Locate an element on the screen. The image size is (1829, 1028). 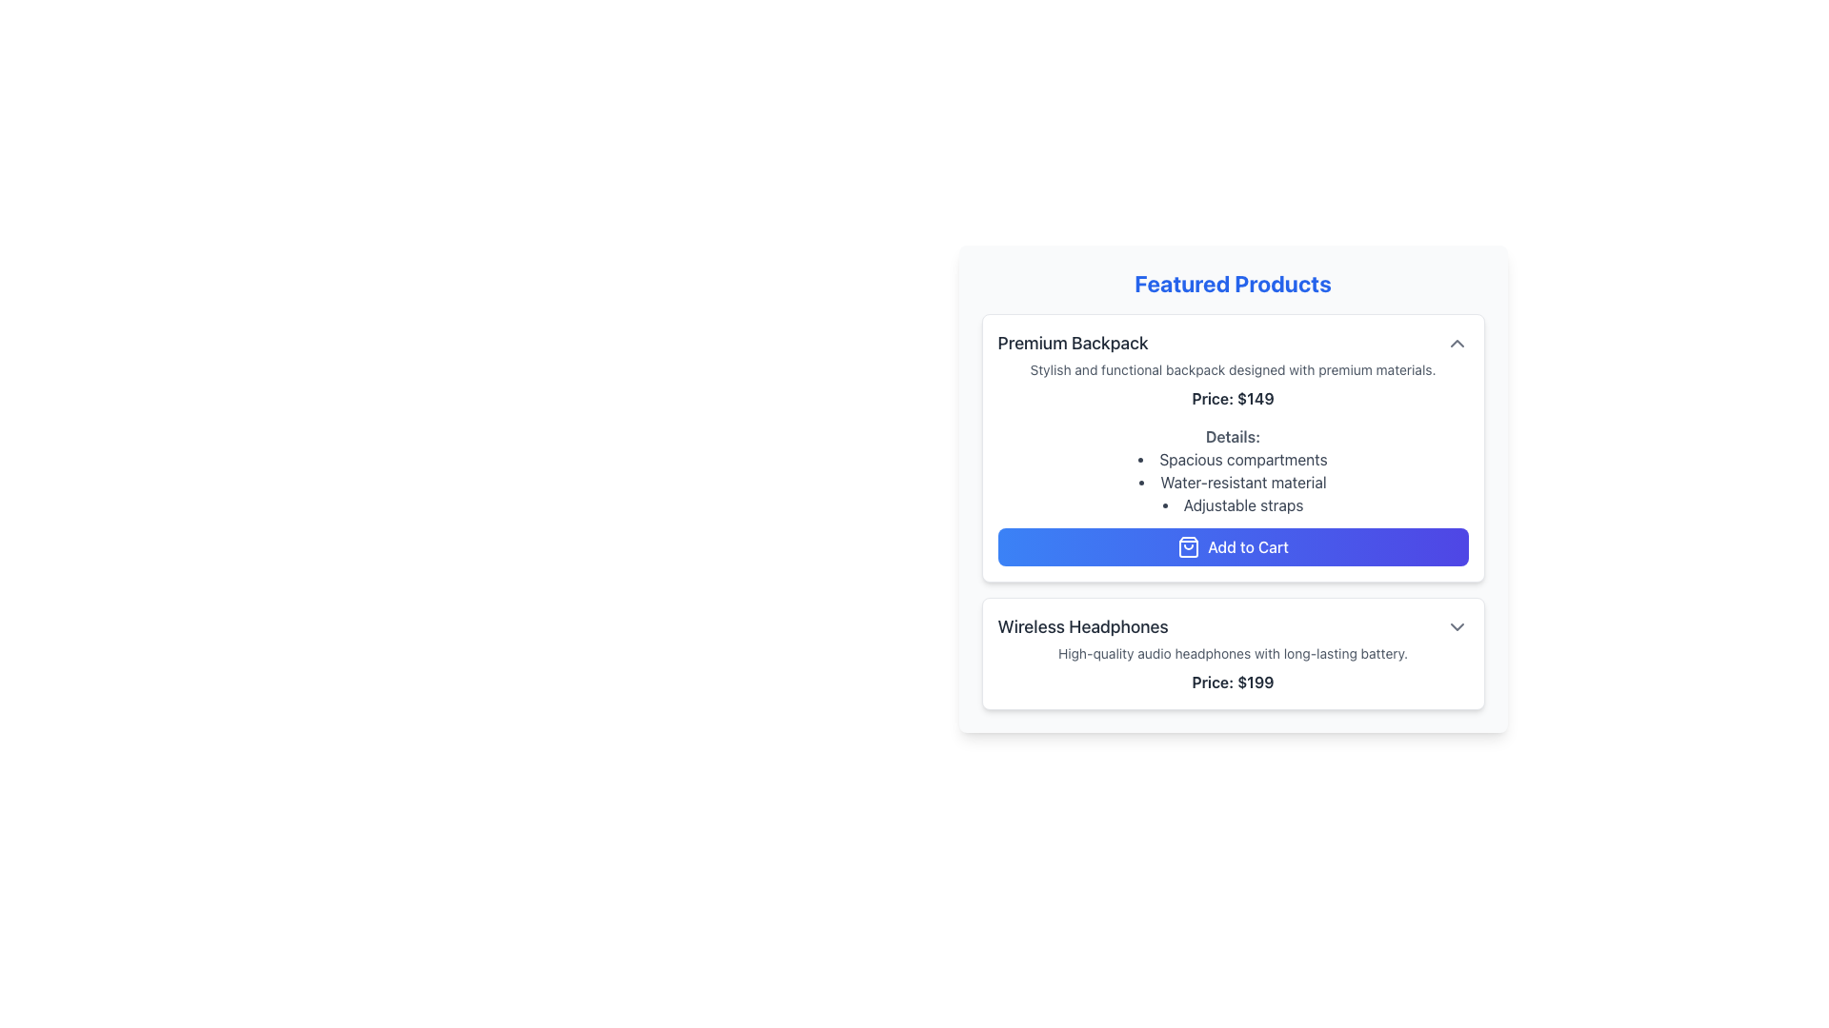
the shopping bag icon located to the immediate left of the 'Add to Cart' text in the 'Premium Backpack' product card under the 'Featured Products' section is located at coordinates (1188, 546).